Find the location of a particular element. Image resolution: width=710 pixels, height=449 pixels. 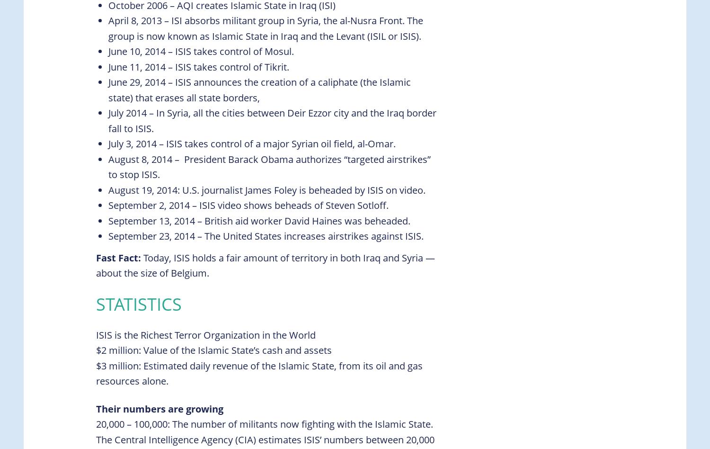

'September 23, 2014 – The United States increases airstrikes against ISIS.' is located at coordinates (108, 236).